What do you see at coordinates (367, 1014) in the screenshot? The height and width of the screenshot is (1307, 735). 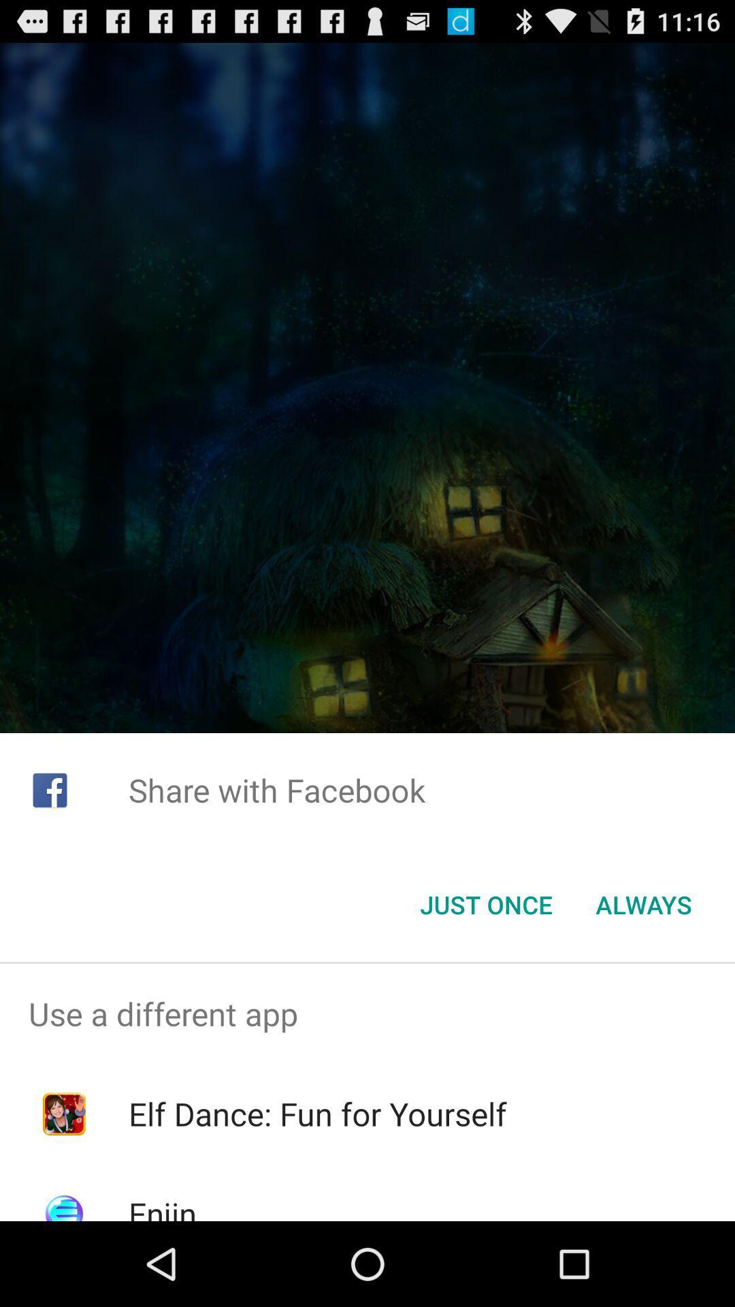 I see `item above elf dance fun app` at bounding box center [367, 1014].